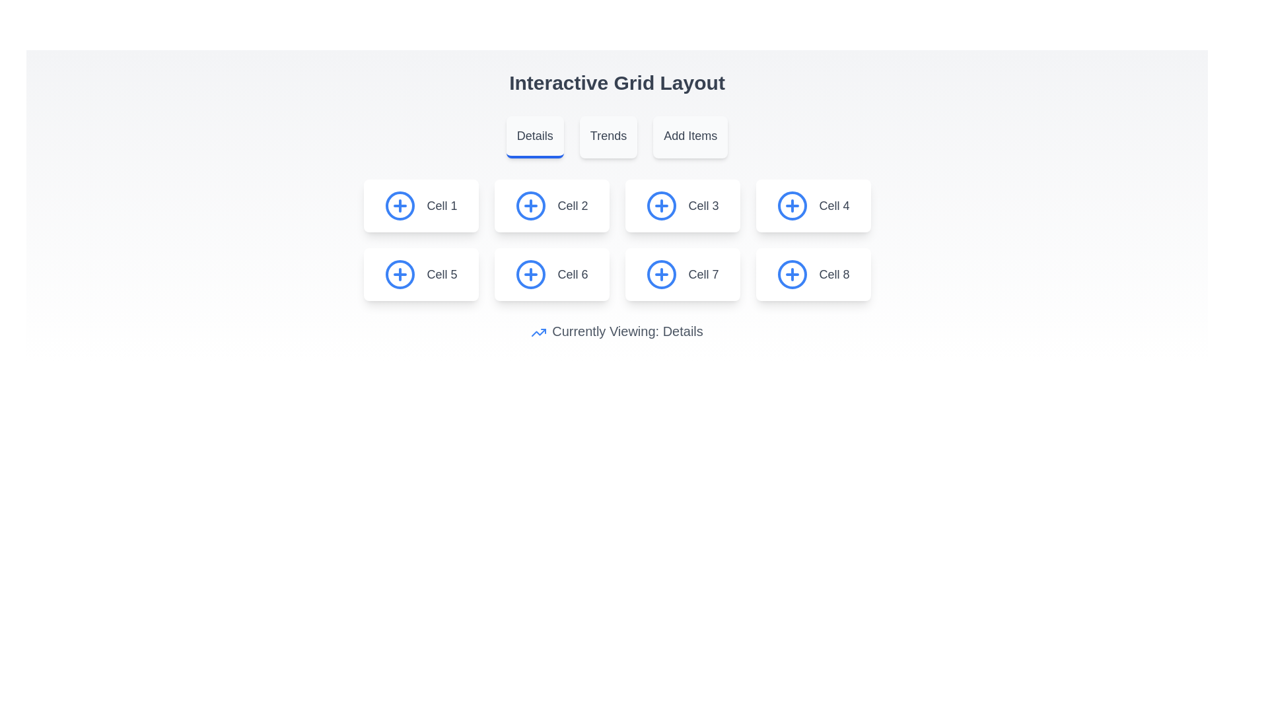  Describe the element at coordinates (682, 274) in the screenshot. I see `the seventh card in the grid, which has a blue circular icon with a '+' symbol and the text 'Cell 7'` at that location.